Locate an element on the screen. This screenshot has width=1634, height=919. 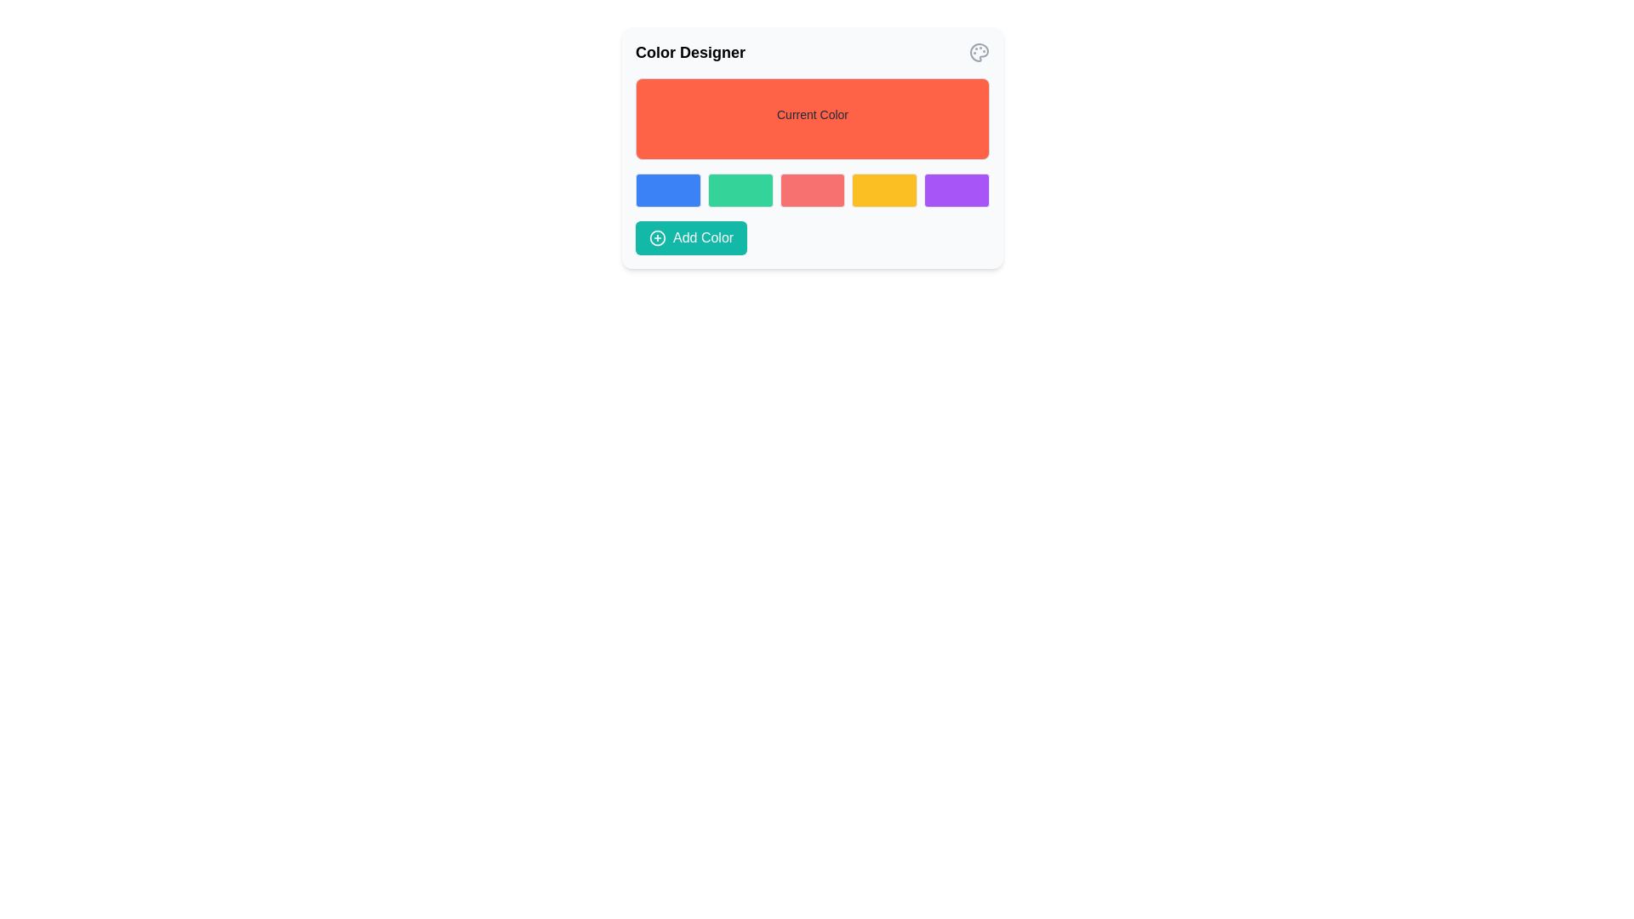
the decorative icon within the 'Add Color' button at the bottom left of the 'Color Designer' card is located at coordinates (656, 238).